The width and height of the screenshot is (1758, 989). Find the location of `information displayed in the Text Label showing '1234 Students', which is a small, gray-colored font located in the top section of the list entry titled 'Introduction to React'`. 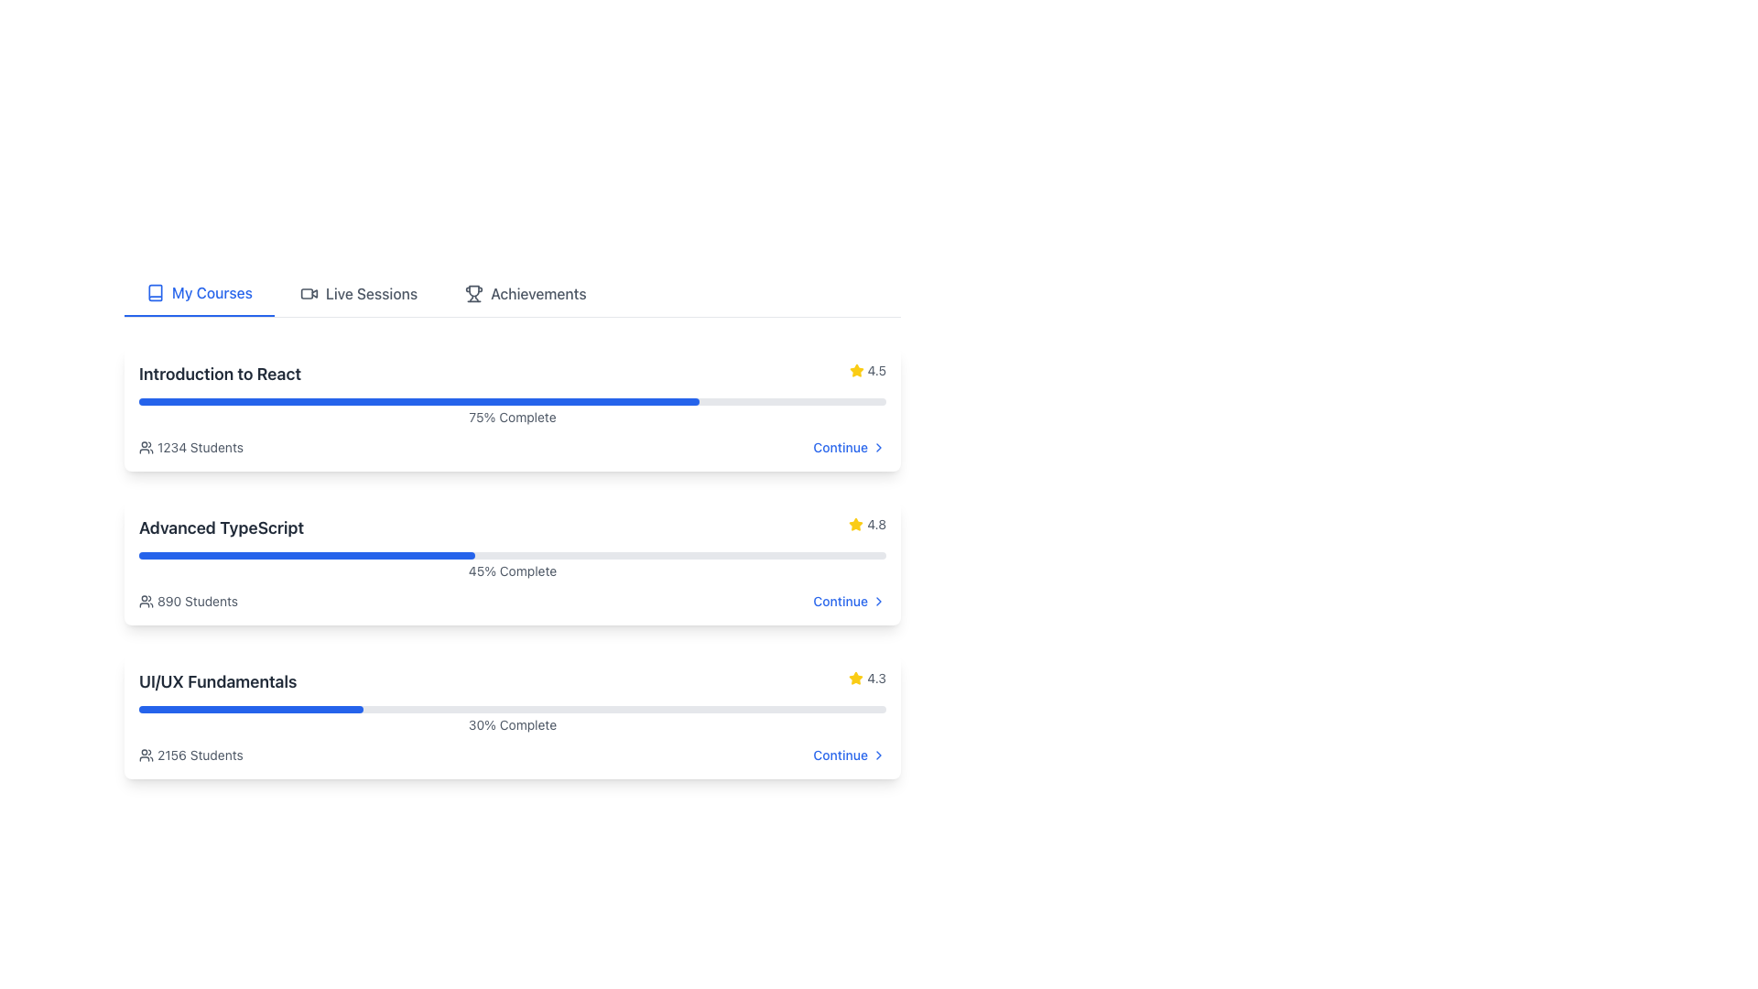

information displayed in the Text Label showing '1234 Students', which is a small, gray-colored font located in the top section of the list entry titled 'Introduction to React' is located at coordinates (201, 448).